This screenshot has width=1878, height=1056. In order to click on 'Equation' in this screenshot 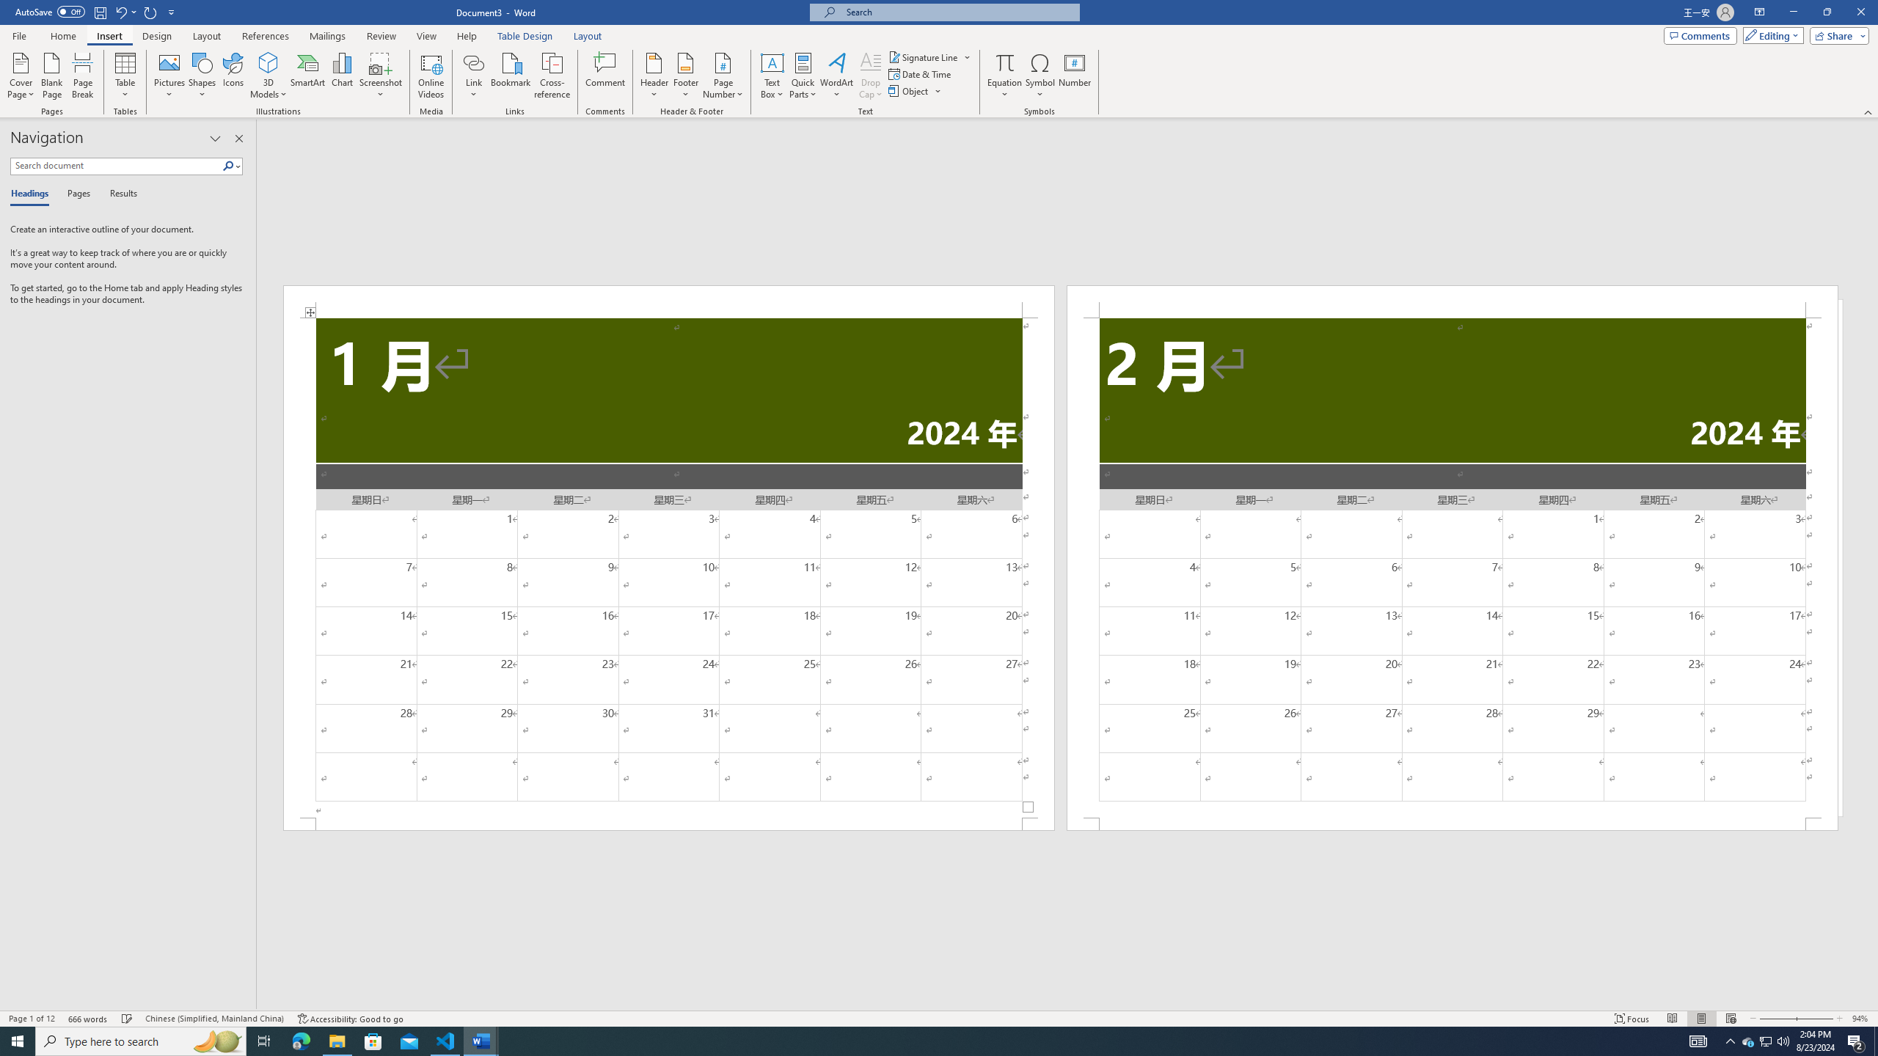, I will do `click(1004, 76)`.